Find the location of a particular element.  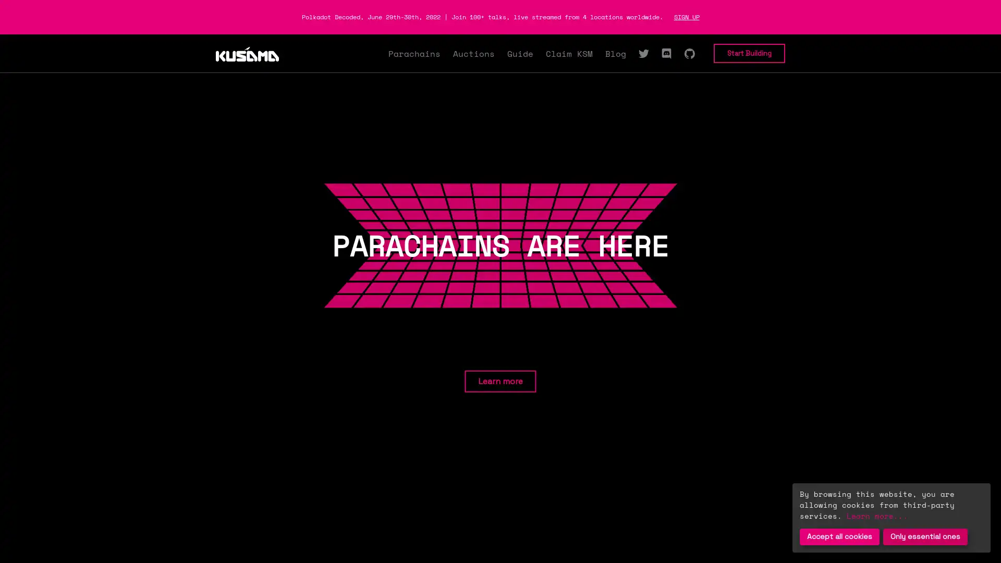

Only essential ones is located at coordinates (925, 536).